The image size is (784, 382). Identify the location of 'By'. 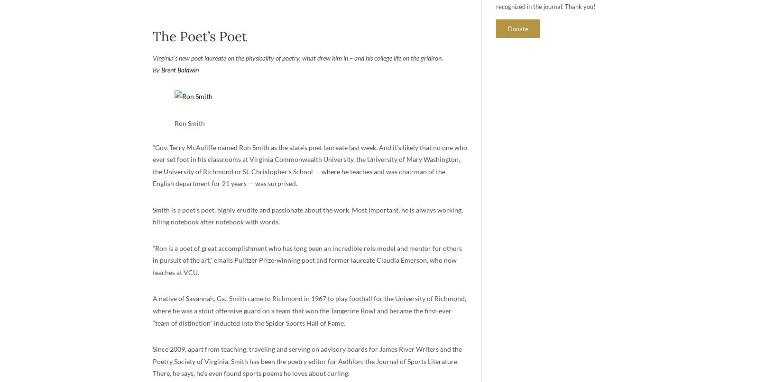
(152, 69).